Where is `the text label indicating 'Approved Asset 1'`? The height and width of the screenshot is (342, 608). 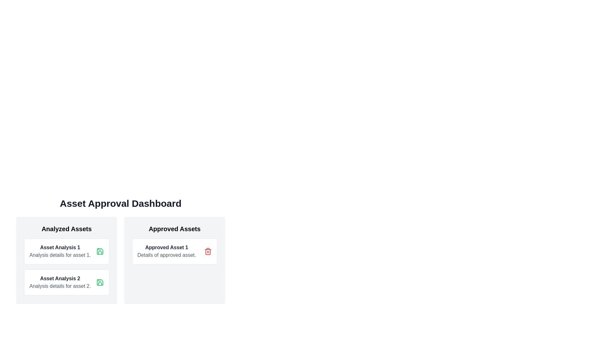
the text label indicating 'Approved Asset 1' is located at coordinates (167, 247).